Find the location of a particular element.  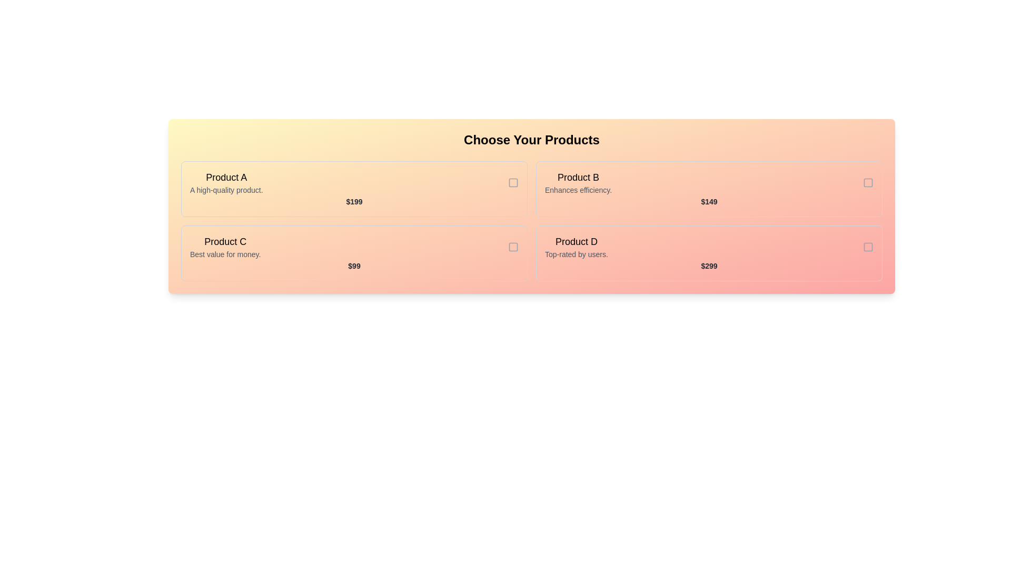

the price of Product A is located at coordinates (354, 201).